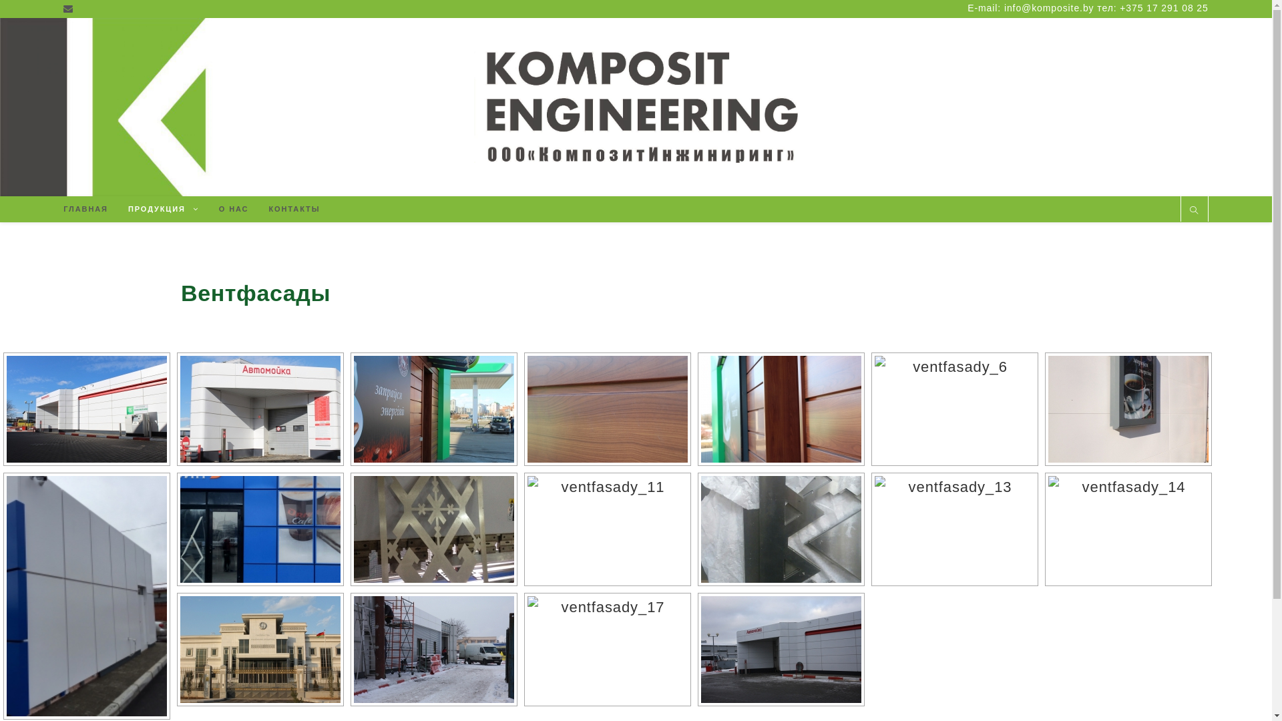 Image resolution: width=1282 pixels, height=721 pixels. What do you see at coordinates (700, 529) in the screenshot?
I see `'ventfasady_12'` at bounding box center [700, 529].